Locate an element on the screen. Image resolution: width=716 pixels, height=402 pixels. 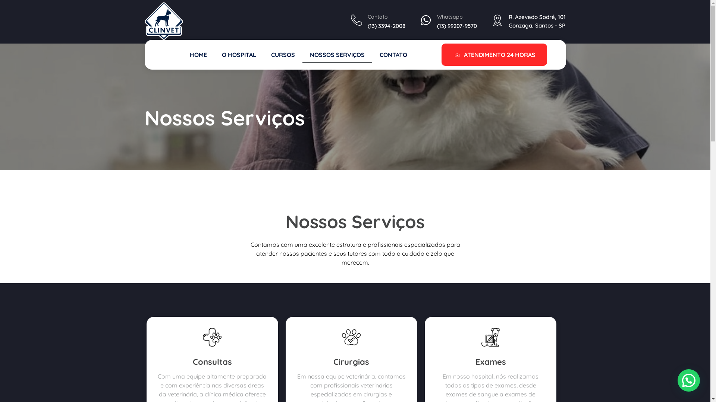
'CURSOS' is located at coordinates (282, 54).